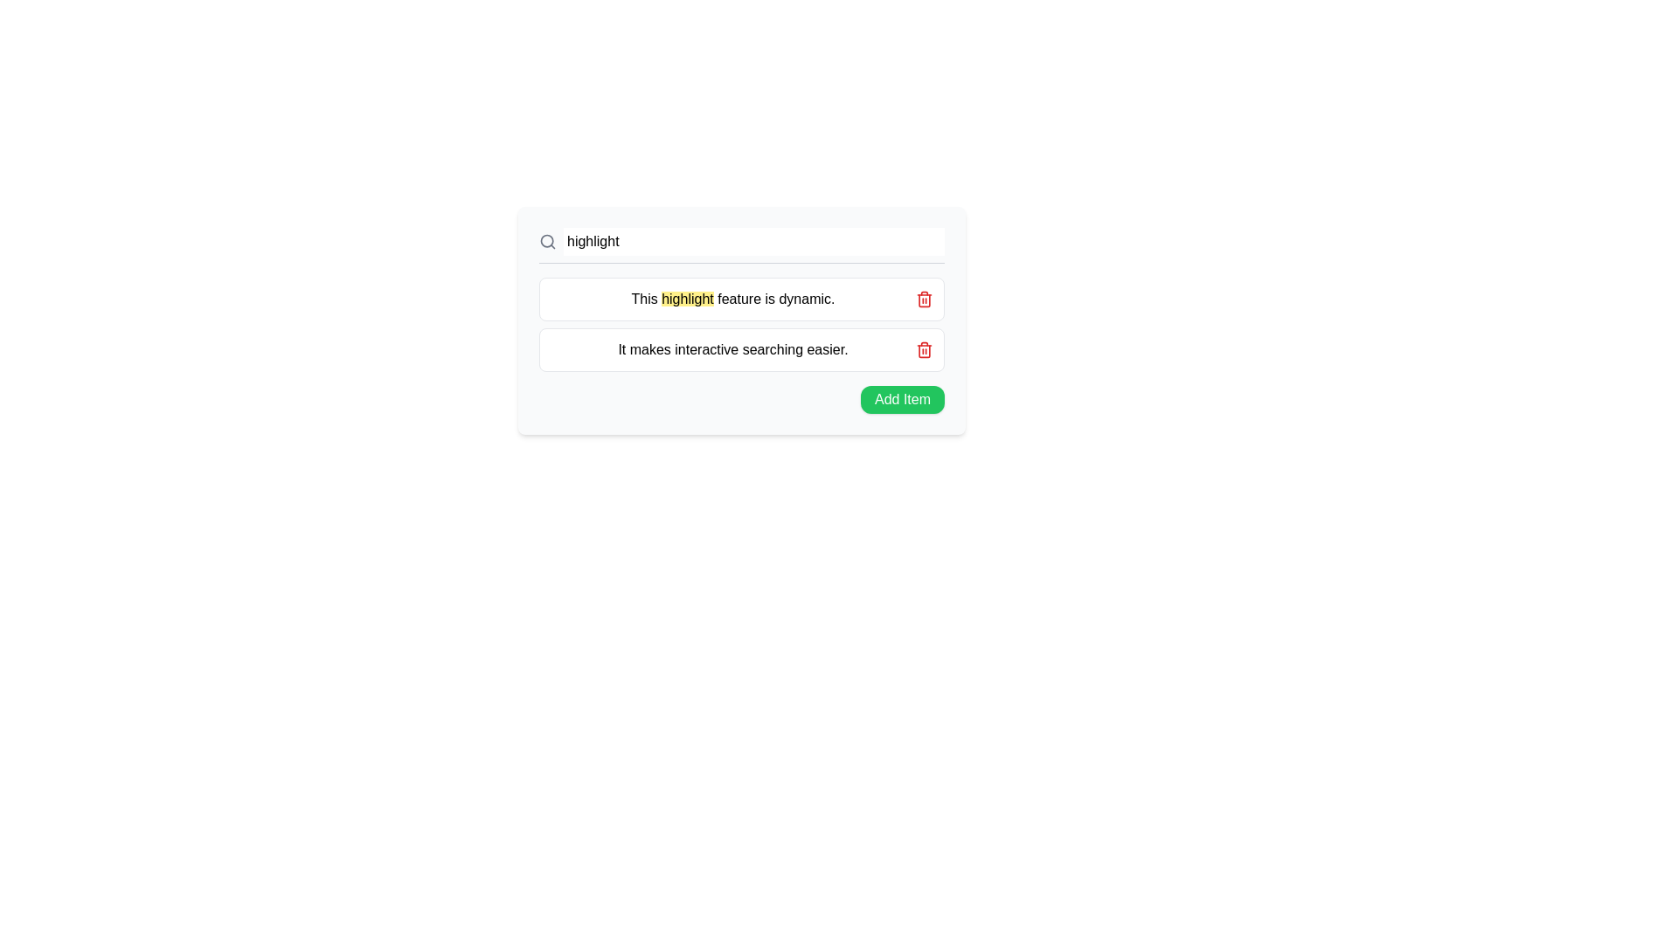  I want to click on text element containing 'This' for debug purposes, located at the leftmost position of the text block 'This highlight feature is dynamic.', so click(645, 298).